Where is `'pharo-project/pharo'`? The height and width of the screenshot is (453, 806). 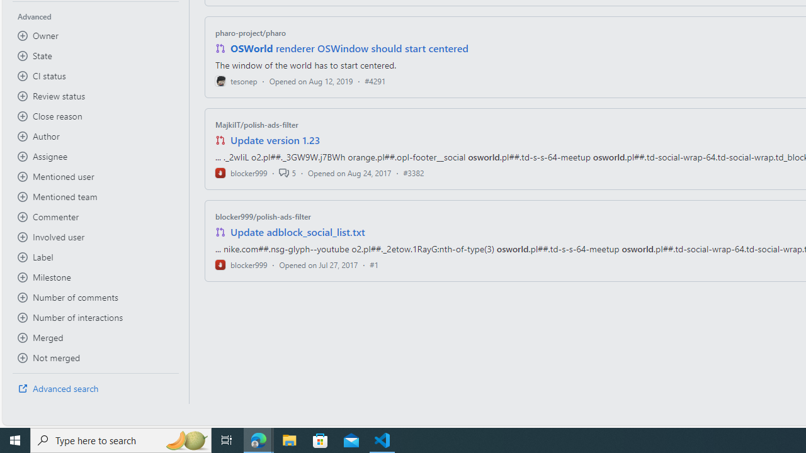 'pharo-project/pharo' is located at coordinates (251, 32).